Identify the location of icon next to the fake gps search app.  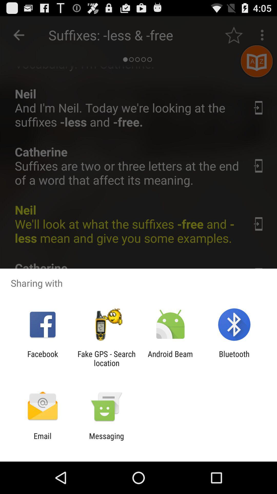
(170, 358).